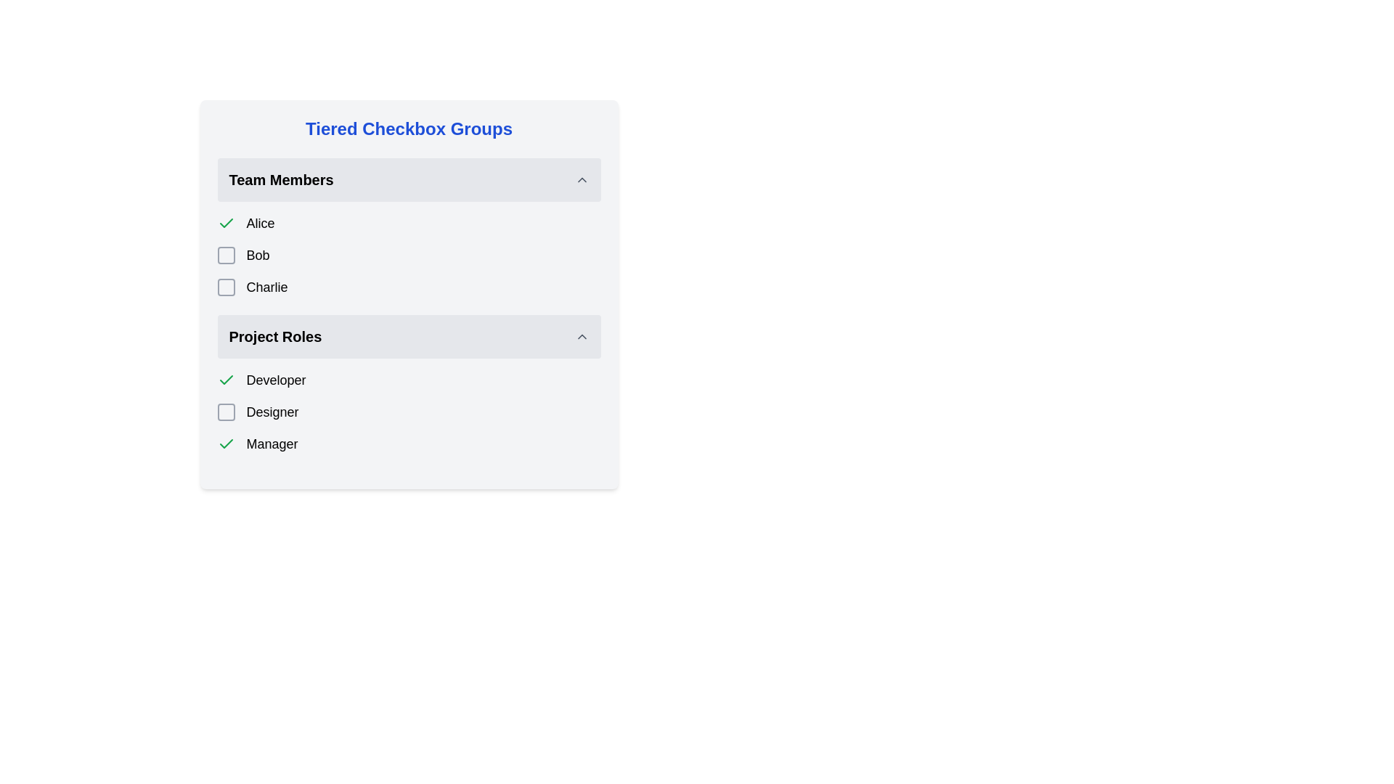 This screenshot has height=784, width=1394. What do you see at coordinates (225, 380) in the screenshot?
I see `the green checkmark icon in the checkbox control associated with the 'Developer' label under the 'Project Roles' section` at bounding box center [225, 380].